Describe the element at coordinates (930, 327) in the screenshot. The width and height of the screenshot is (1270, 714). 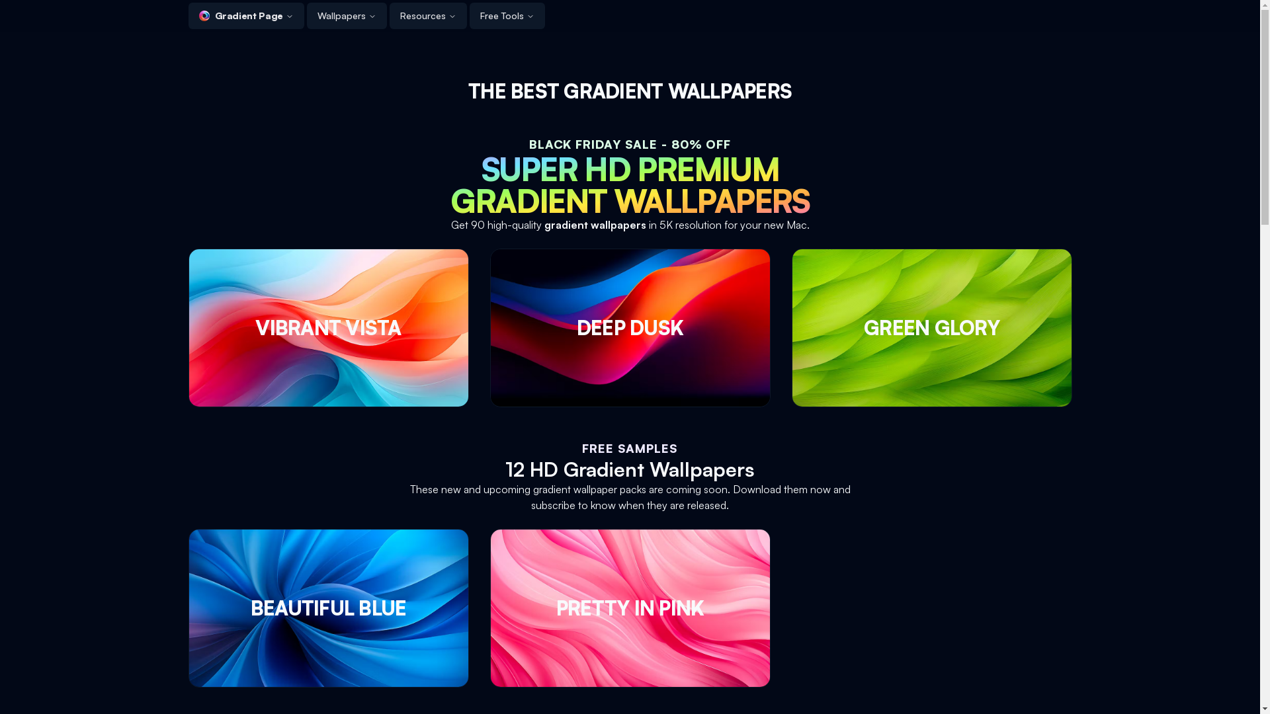
I see `'GREEN GLORY'` at that location.